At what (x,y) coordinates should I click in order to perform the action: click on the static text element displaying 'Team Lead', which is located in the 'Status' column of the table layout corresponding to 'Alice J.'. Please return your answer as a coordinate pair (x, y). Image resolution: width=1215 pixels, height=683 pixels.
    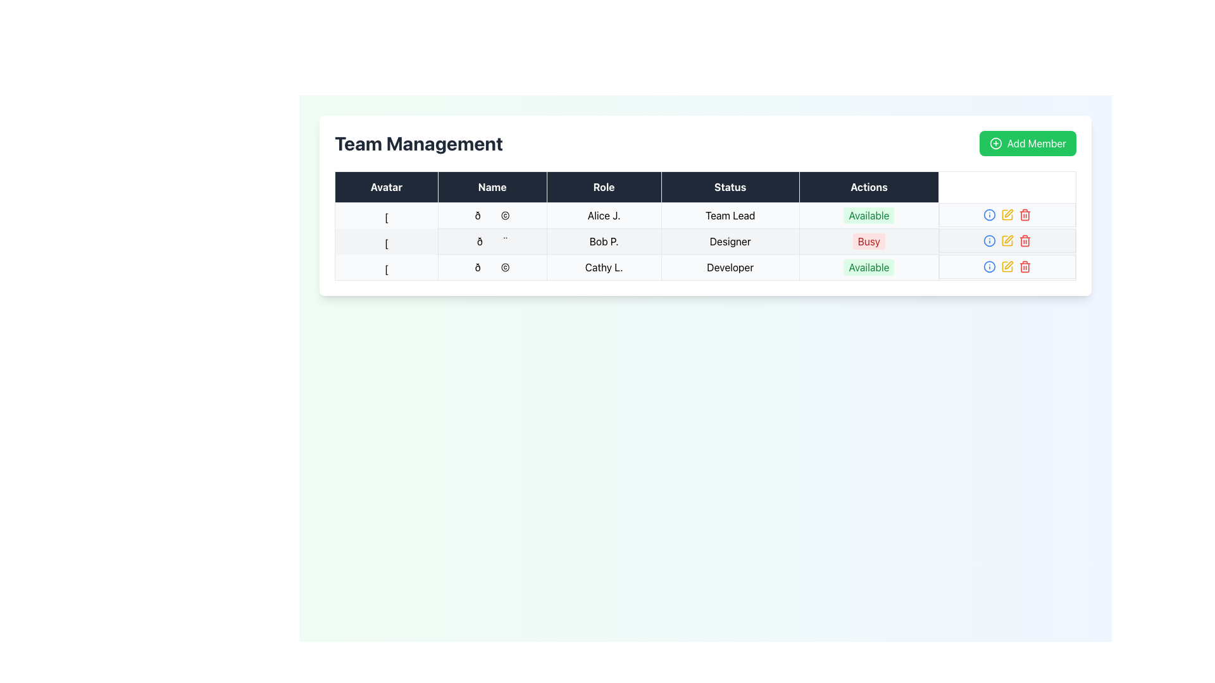
    Looking at the image, I should click on (730, 214).